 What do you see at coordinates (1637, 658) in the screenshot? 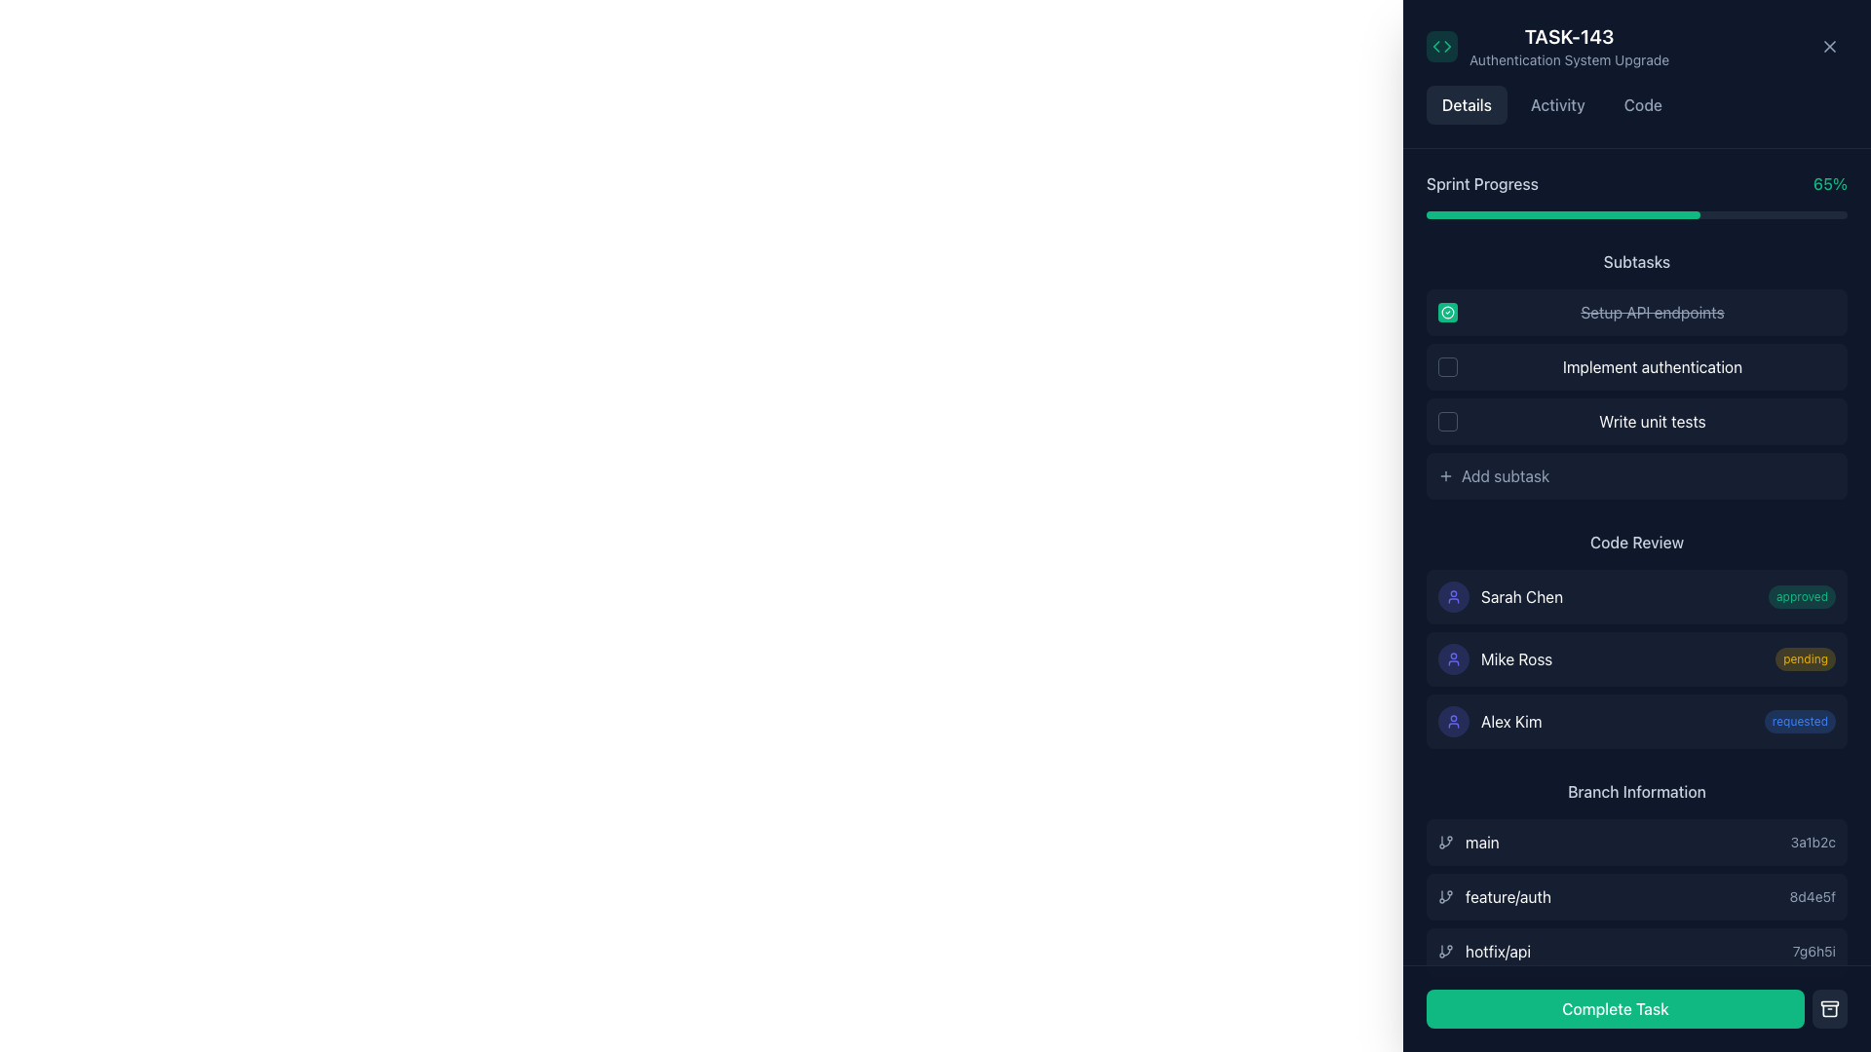
I see `the status update list item for 'Mike Ross' with a review status of 'pending' located` at bounding box center [1637, 658].